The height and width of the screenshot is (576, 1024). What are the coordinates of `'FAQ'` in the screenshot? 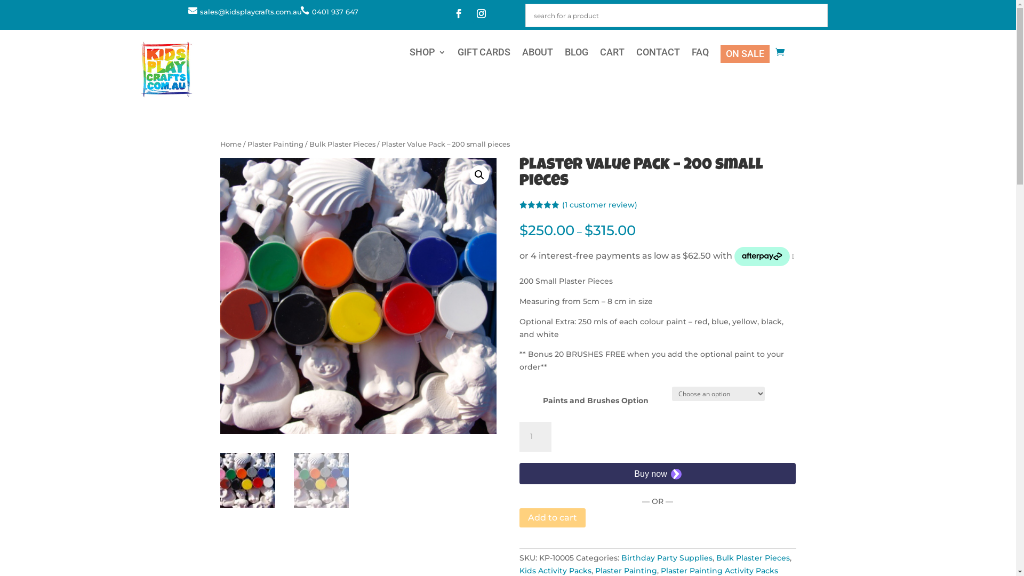 It's located at (699, 55).